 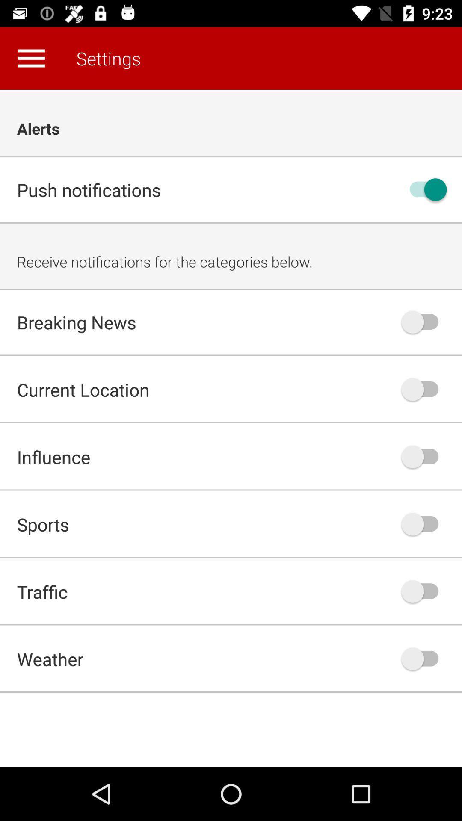 What do you see at coordinates (424, 658) in the screenshot?
I see `notifications on or off for category` at bounding box center [424, 658].